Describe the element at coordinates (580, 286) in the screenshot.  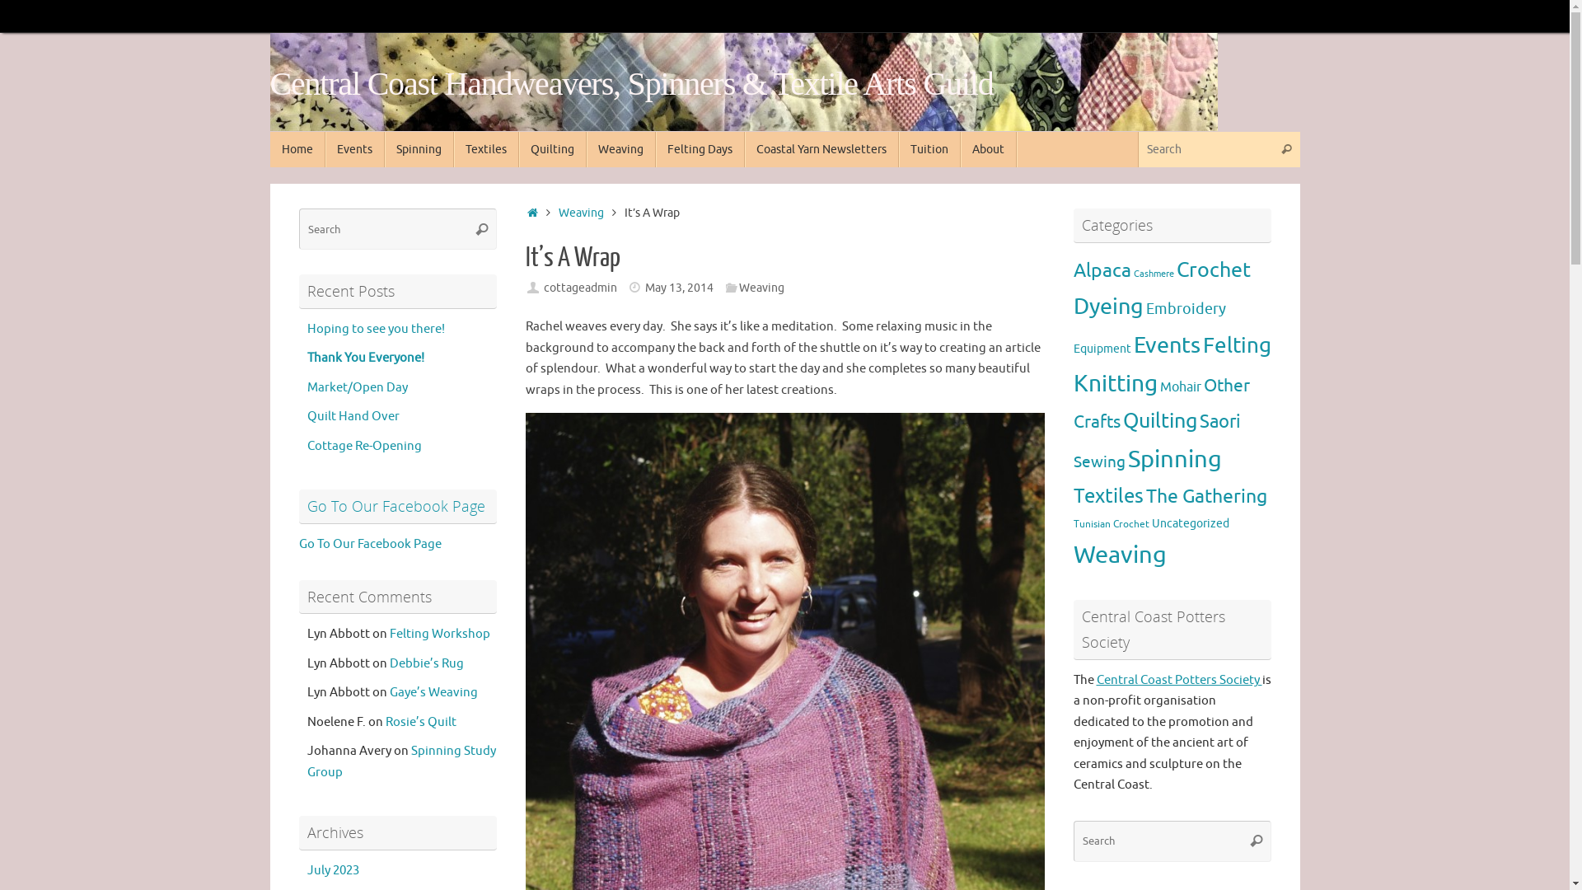
I see `'cottageadmin'` at that location.